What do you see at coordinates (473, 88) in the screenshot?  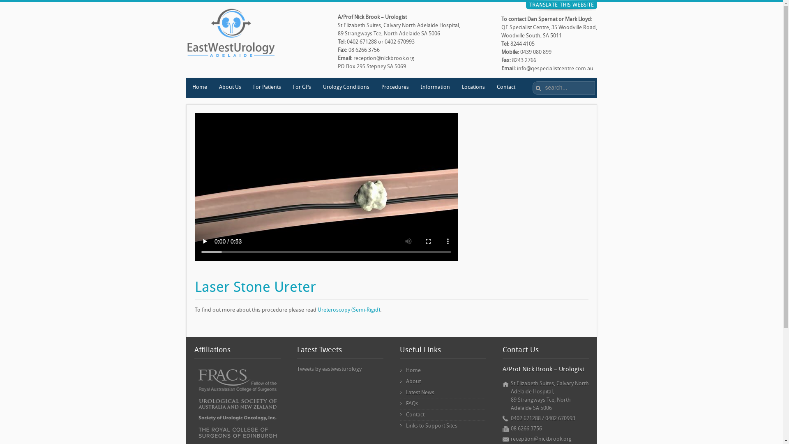 I see `'Locations'` at bounding box center [473, 88].